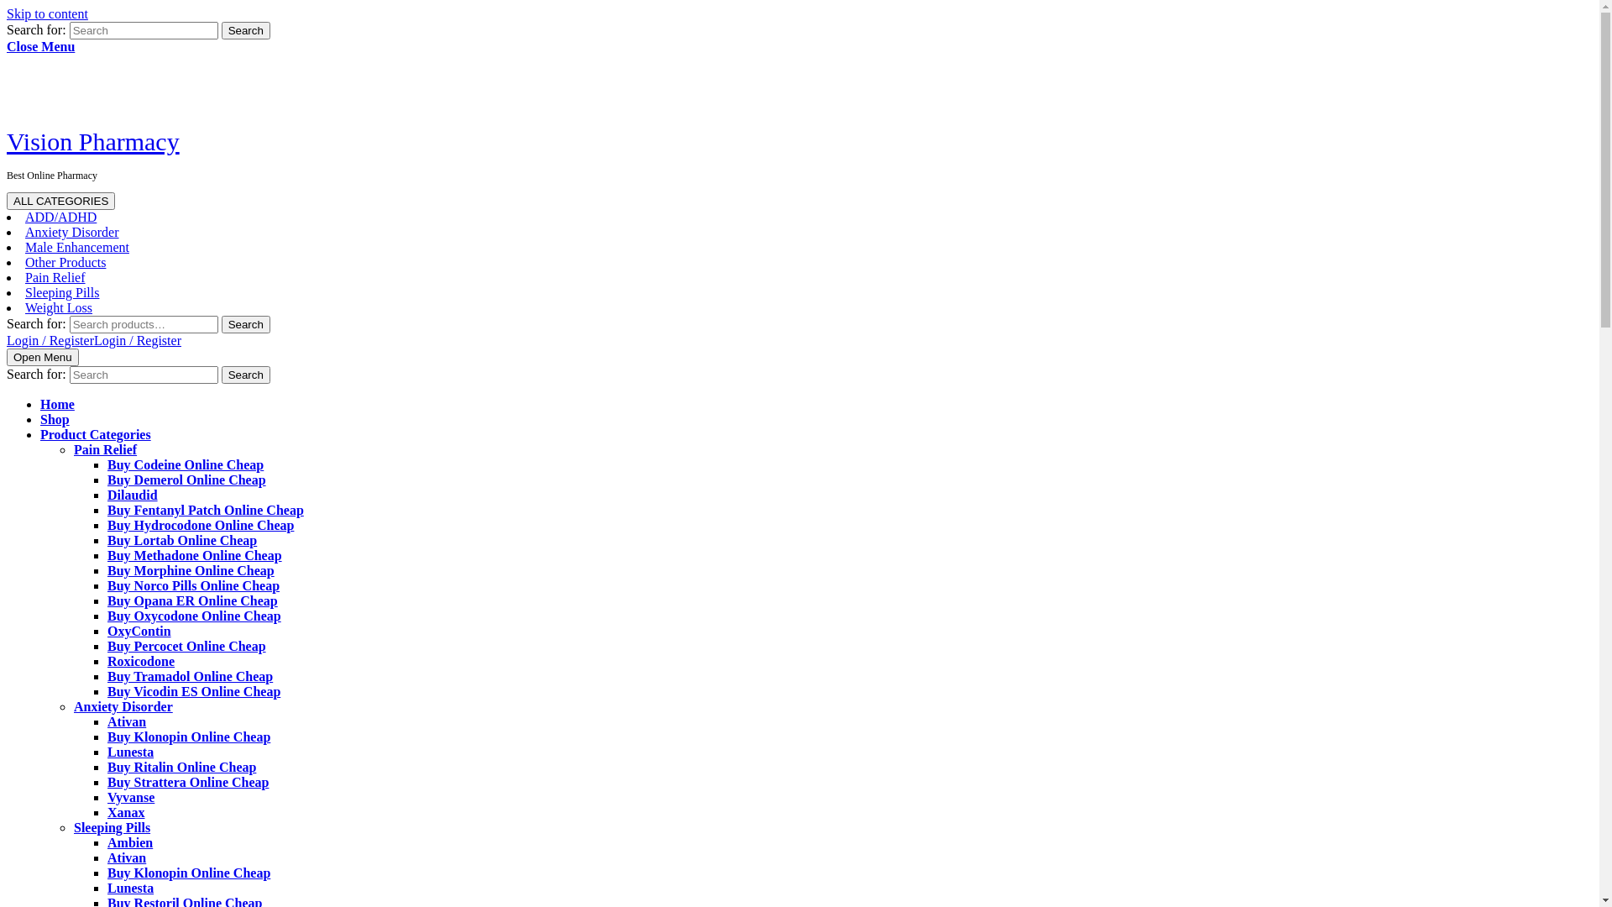  Describe the element at coordinates (107, 480) in the screenshot. I see `'Buy Demerol Online Cheap'` at that location.